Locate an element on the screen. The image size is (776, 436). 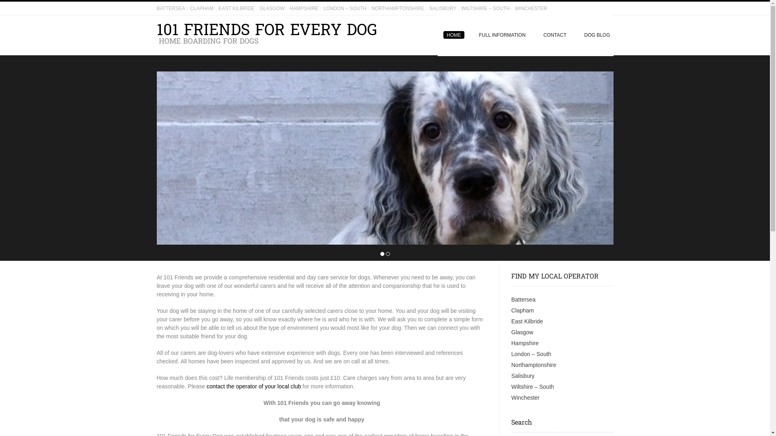
'Glasgow' is located at coordinates (511, 332).